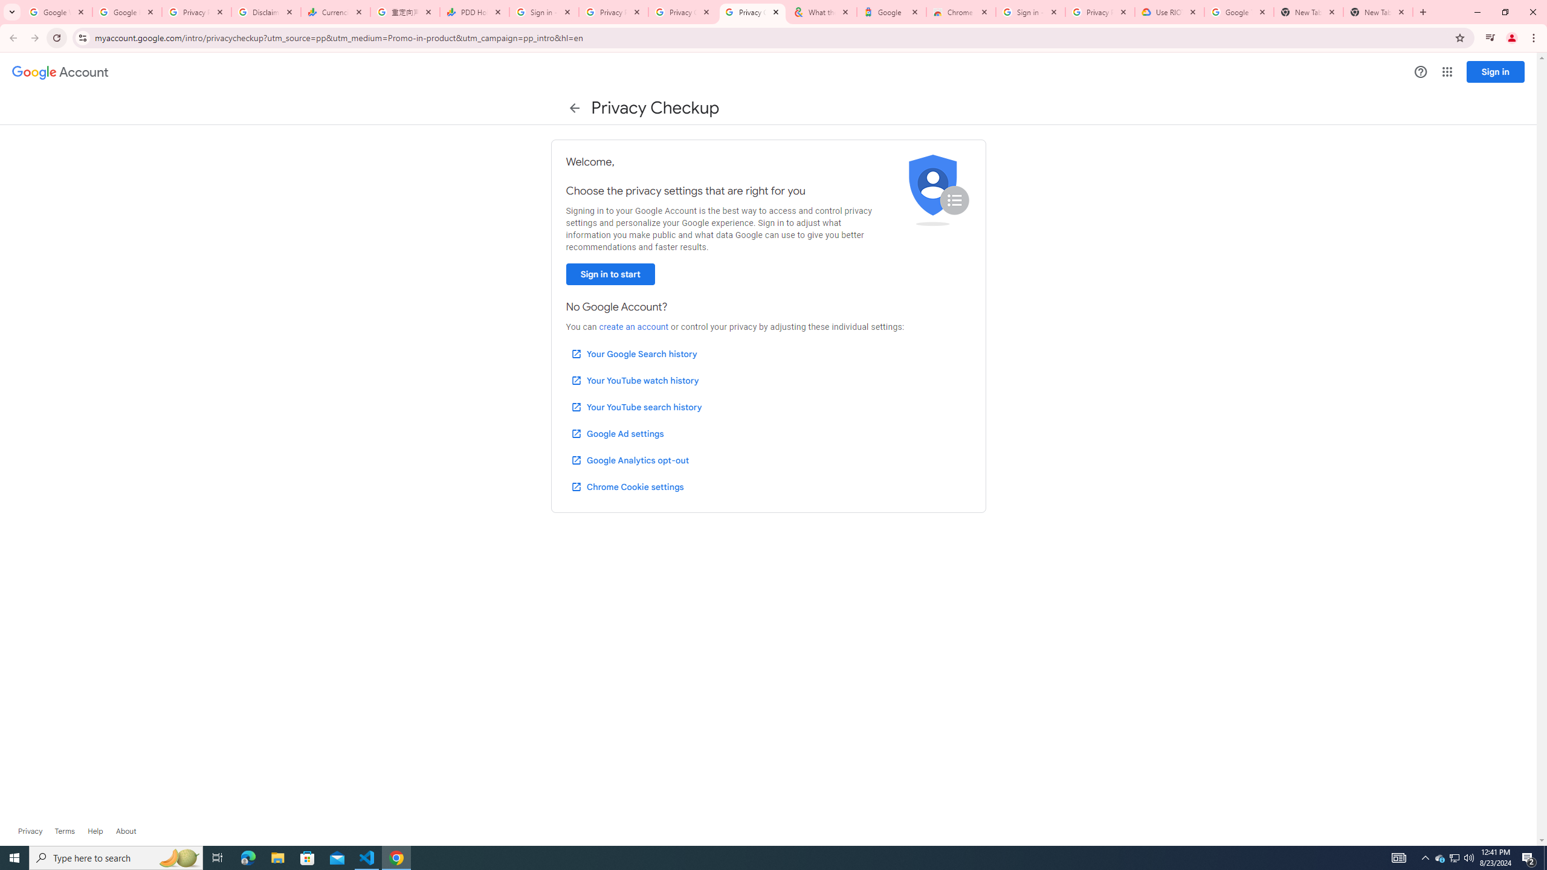  Describe the element at coordinates (683, 11) in the screenshot. I see `'Privacy Checkup'` at that location.